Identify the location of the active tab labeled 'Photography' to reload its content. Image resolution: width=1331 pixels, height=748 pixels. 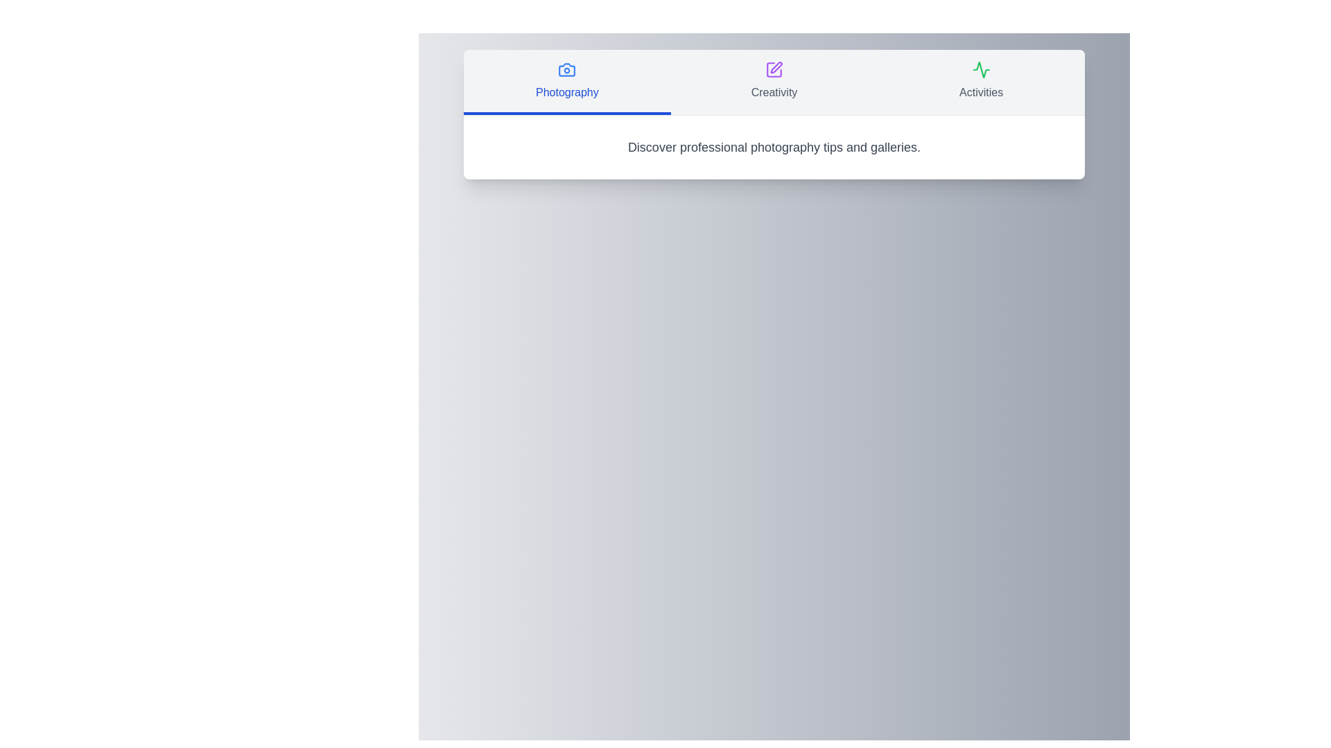
(567, 82).